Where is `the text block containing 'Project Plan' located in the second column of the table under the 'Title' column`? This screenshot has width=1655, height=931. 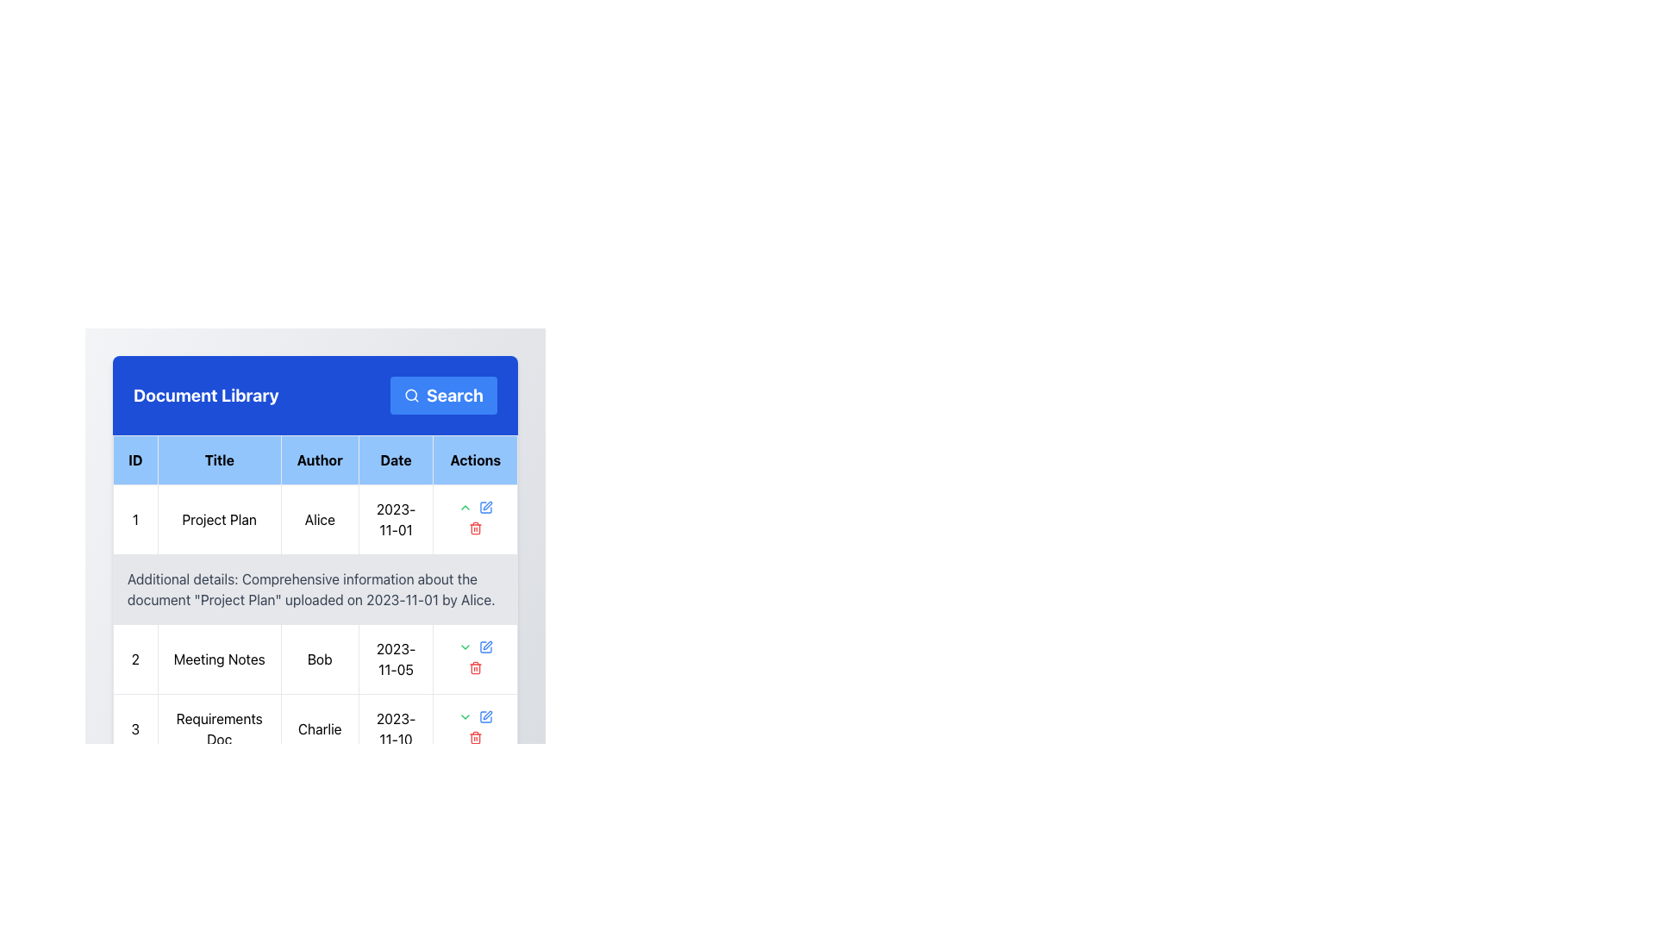
the text block containing 'Project Plan' located in the second column of the table under the 'Title' column is located at coordinates (218, 518).